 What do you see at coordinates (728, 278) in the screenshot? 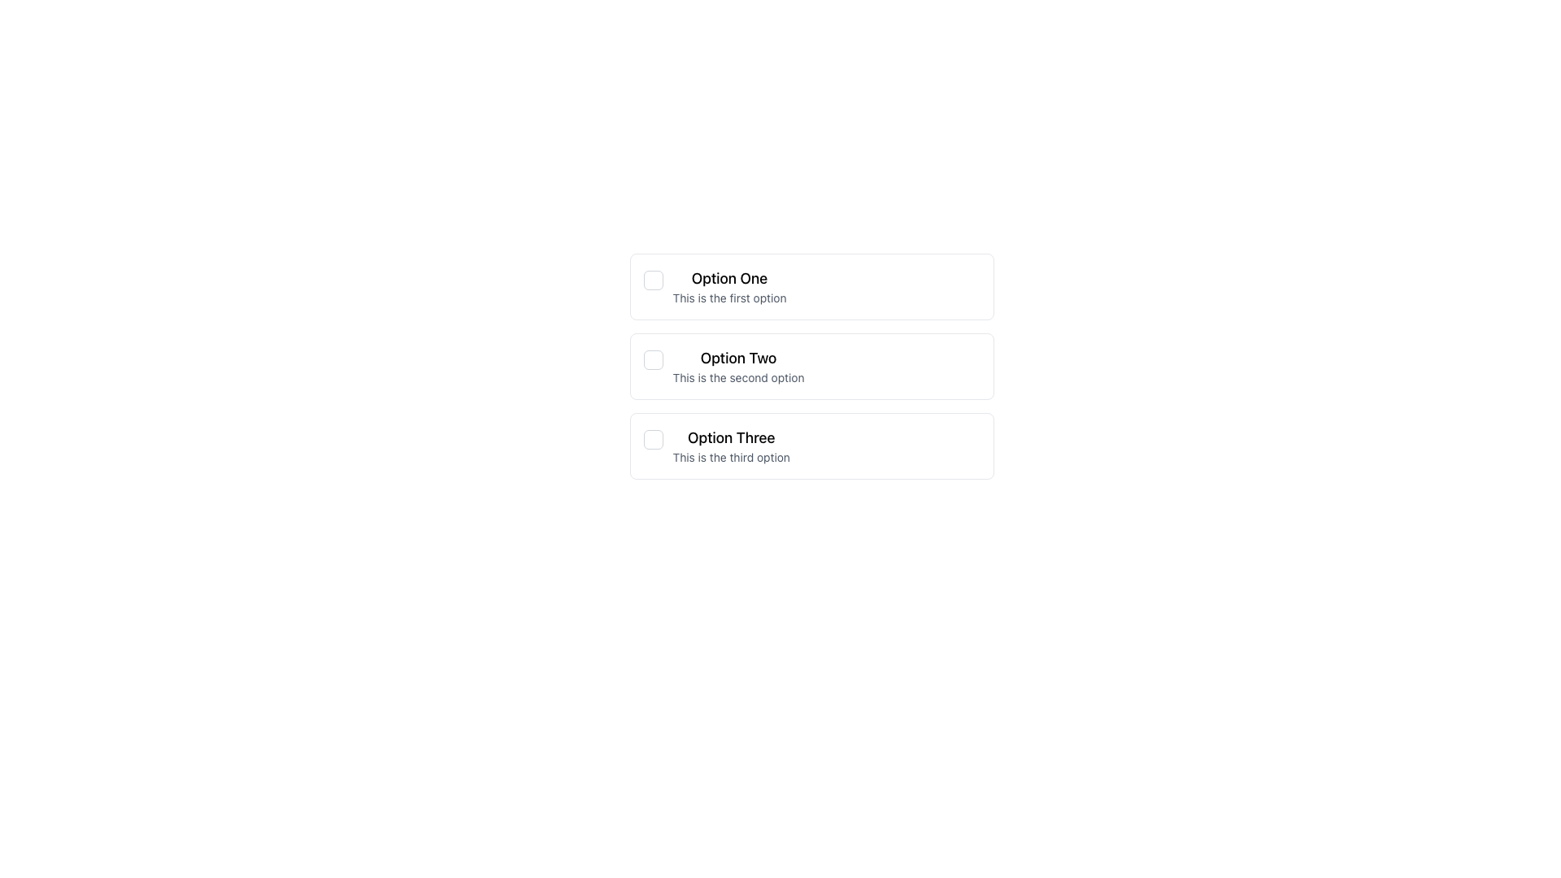
I see `the text label 'Option One', which is styled in a larger font and bold, positioned at the top of the options list` at bounding box center [728, 278].